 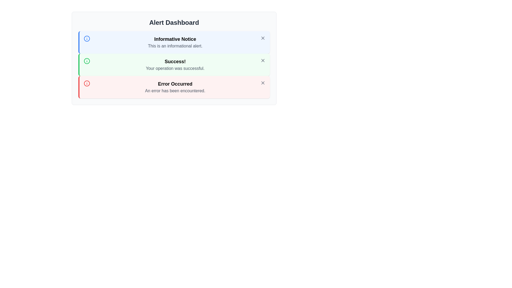 I want to click on title text of the informational alert card, which is located at the top section of the page inside the first card of the alert dashboard, directly above the text 'This is an informational alert.', so click(x=175, y=39).